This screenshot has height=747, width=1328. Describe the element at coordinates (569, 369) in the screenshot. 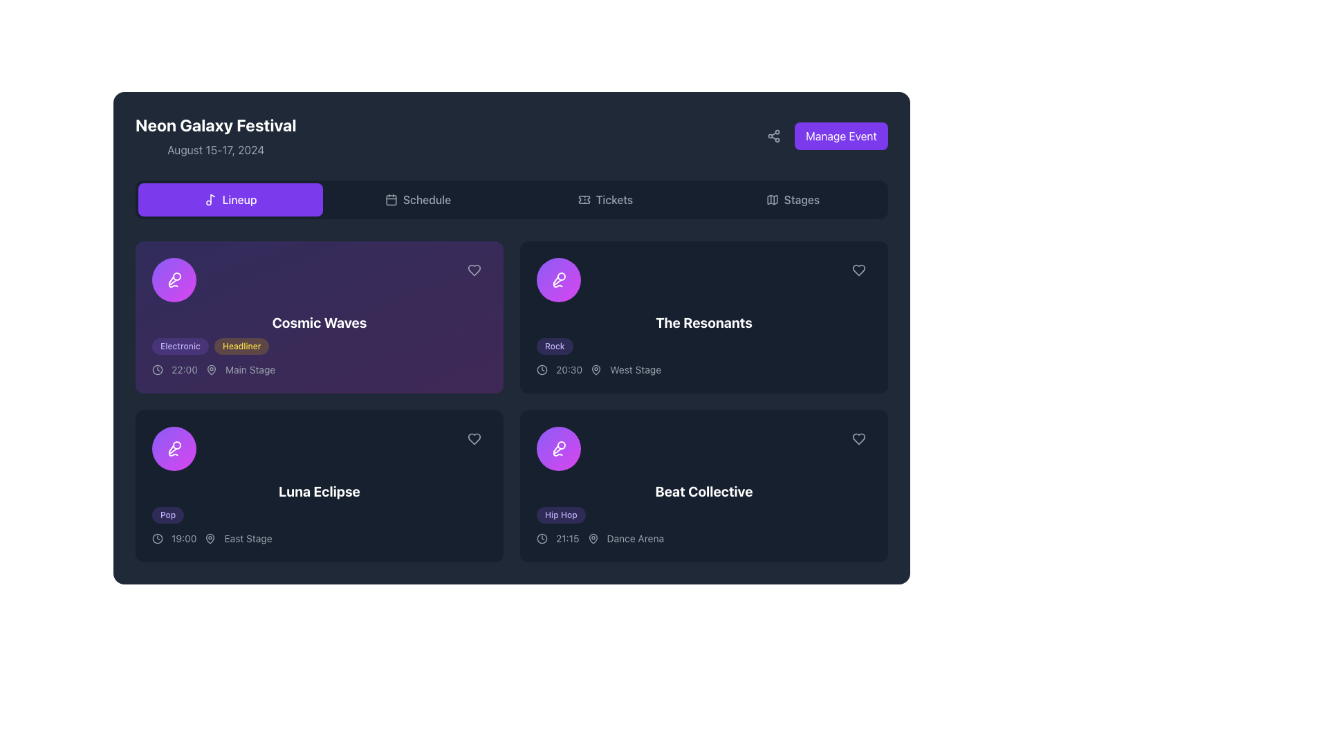

I see `text content displayed for the event 'The Resonants', specifically the time '20:30' located within the event card` at that location.